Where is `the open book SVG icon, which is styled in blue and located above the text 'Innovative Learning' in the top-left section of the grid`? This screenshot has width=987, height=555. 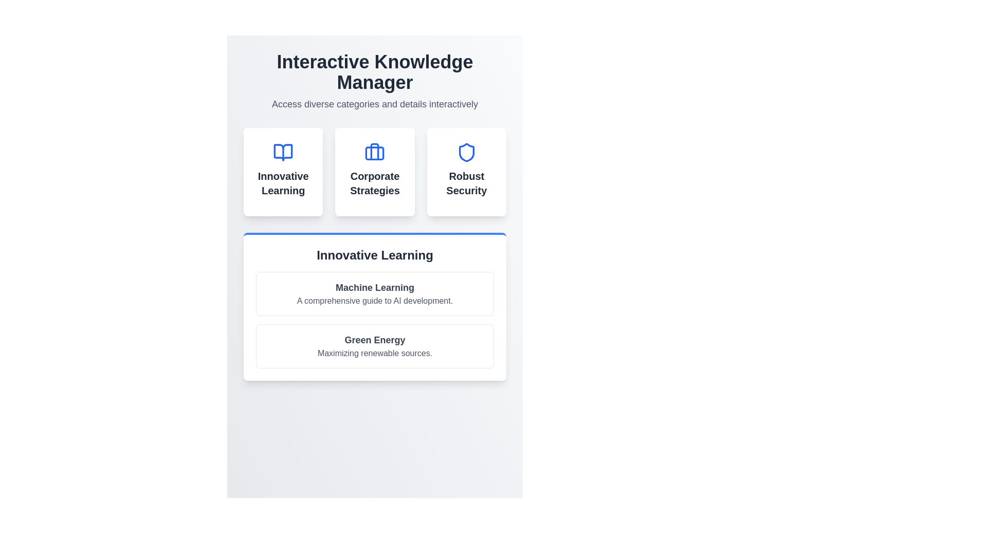
the open book SVG icon, which is styled in blue and located above the text 'Innovative Learning' in the top-left section of the grid is located at coordinates (283, 153).